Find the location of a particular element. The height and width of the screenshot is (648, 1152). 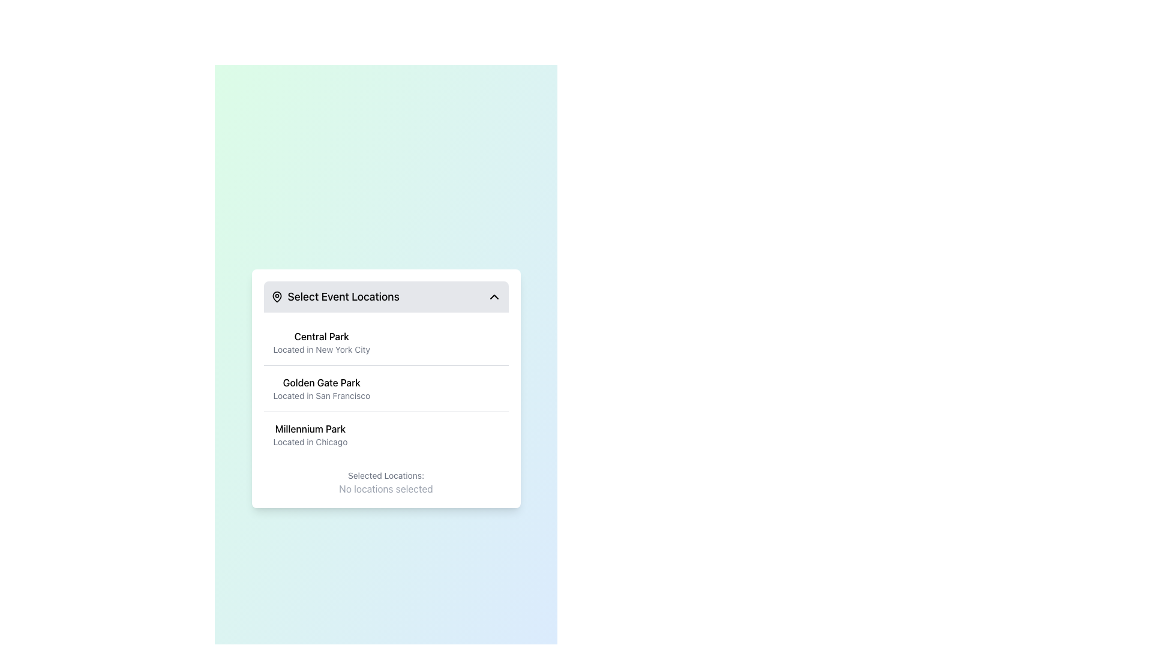

the 'Millennium Park' text label is located at coordinates (310, 435).